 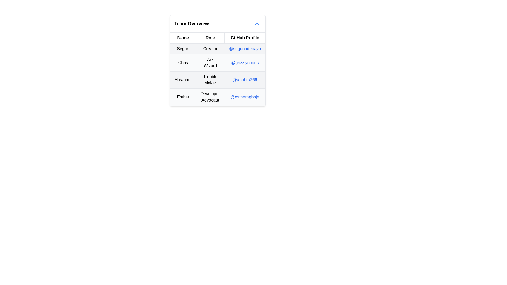 What do you see at coordinates (245, 62) in the screenshot?
I see `keyboard navigation` at bounding box center [245, 62].